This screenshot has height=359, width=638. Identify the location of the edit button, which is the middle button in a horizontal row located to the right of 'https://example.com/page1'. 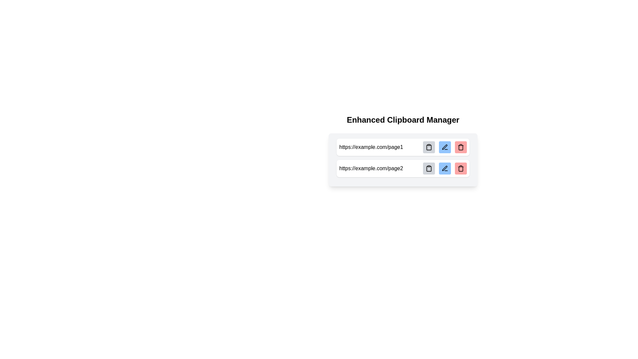
(445, 147).